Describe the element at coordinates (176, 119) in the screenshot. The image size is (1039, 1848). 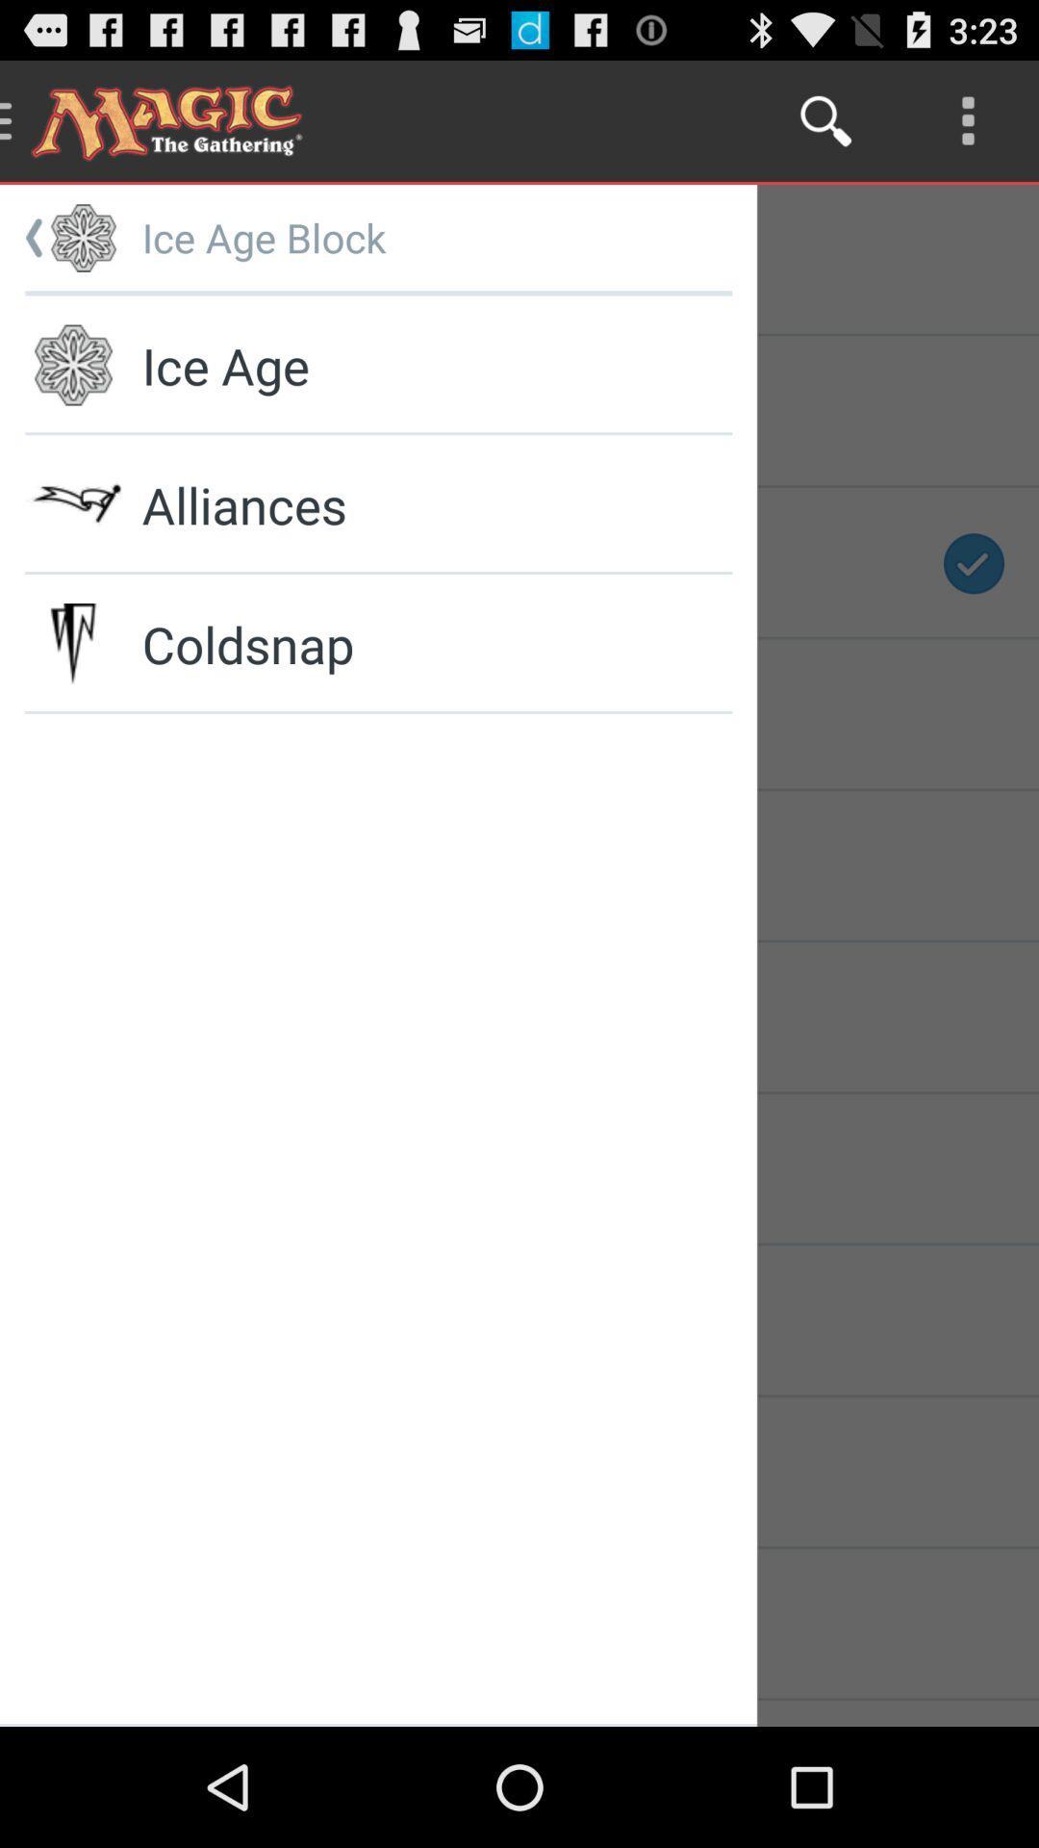
I see `the text magic the  gathering` at that location.